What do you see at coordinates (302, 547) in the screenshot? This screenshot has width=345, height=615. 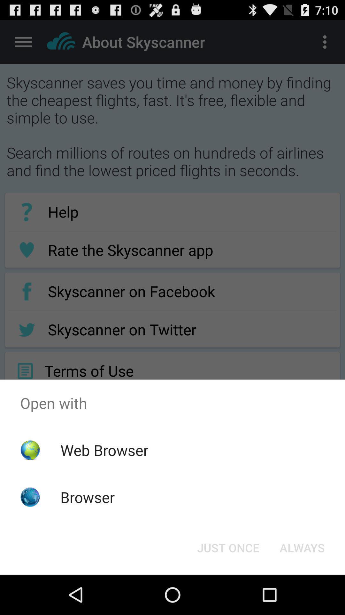 I see `the item below the open with app` at bounding box center [302, 547].